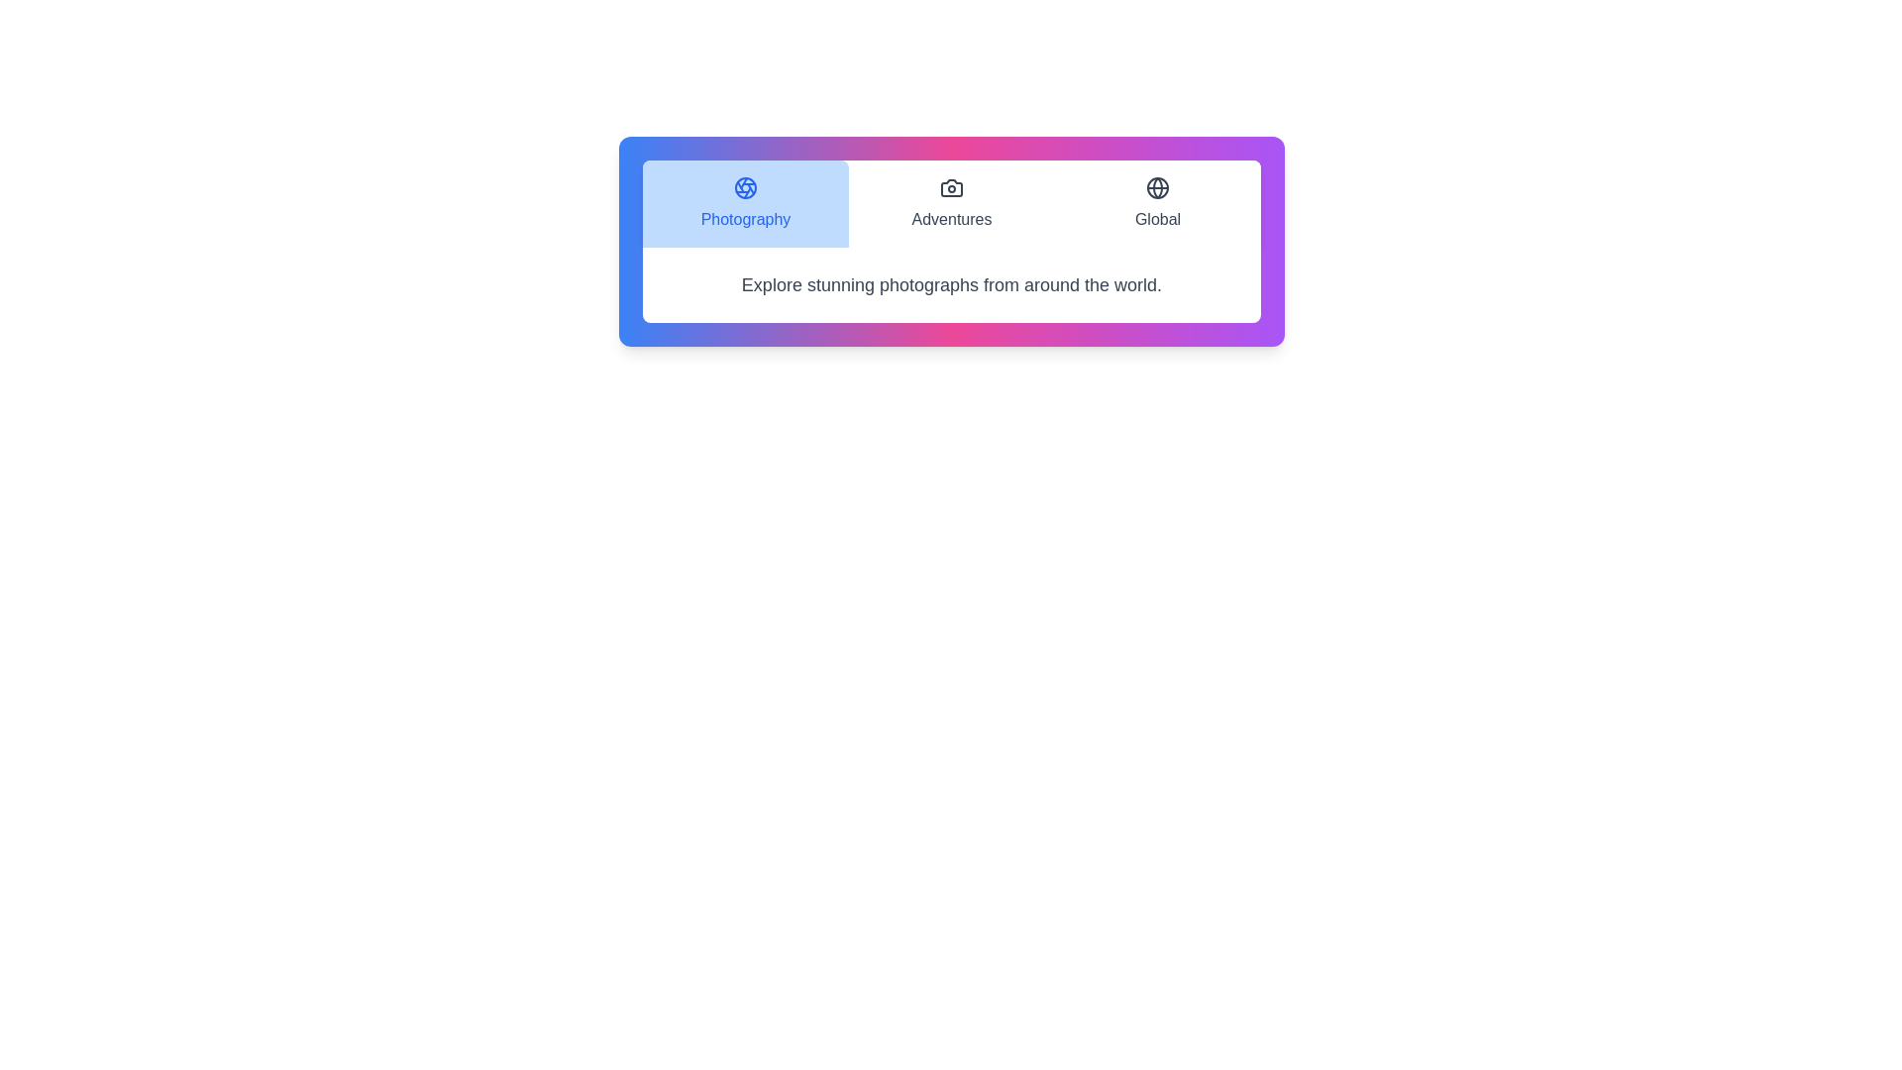  Describe the element at coordinates (951, 203) in the screenshot. I see `the Tab Selector` at that location.